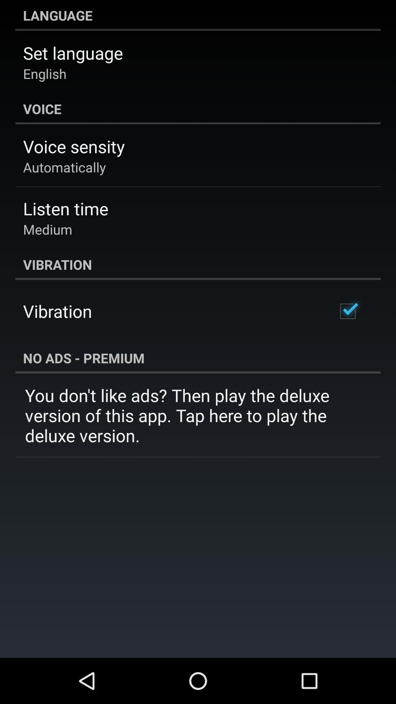 The image size is (396, 704). What do you see at coordinates (347, 311) in the screenshot?
I see `the app next to vibration item` at bounding box center [347, 311].